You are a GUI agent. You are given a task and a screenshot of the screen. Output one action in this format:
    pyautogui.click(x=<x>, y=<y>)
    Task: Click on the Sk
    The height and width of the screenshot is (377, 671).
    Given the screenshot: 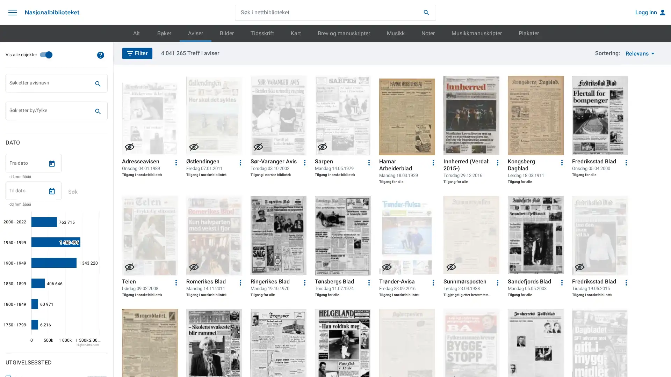 What is the action you would take?
    pyautogui.click(x=97, y=111)
    